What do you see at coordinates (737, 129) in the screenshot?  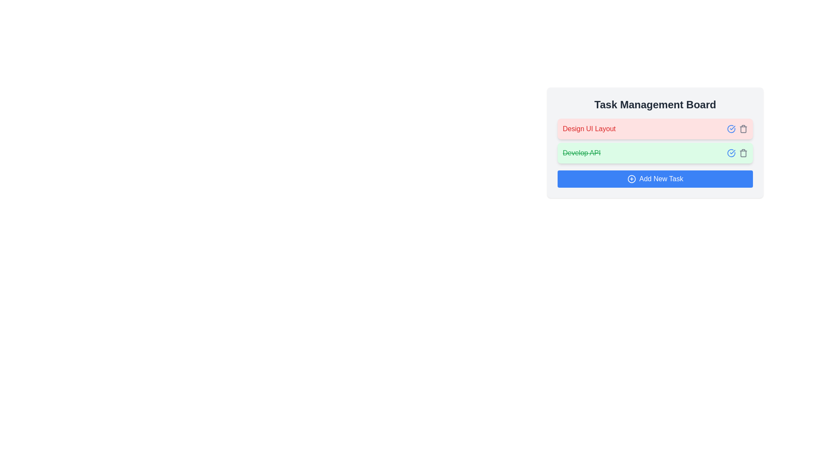 I see `the blue checkmark icon in the top-right corner of the 'Design UI Layout' task card to mark the task as complete` at bounding box center [737, 129].